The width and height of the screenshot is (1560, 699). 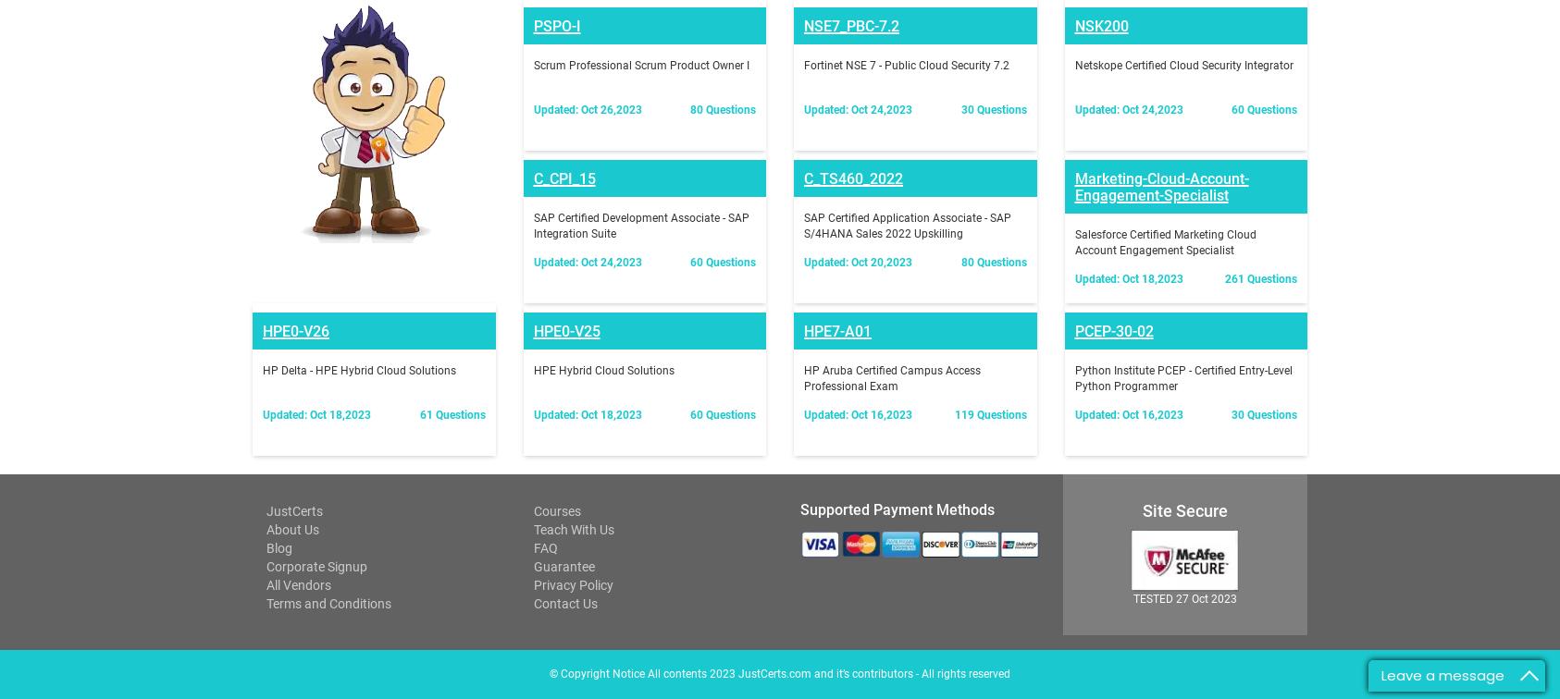 What do you see at coordinates (601, 129) in the screenshot?
I see `'HPE Hybrid Cloud Solutions'` at bounding box center [601, 129].